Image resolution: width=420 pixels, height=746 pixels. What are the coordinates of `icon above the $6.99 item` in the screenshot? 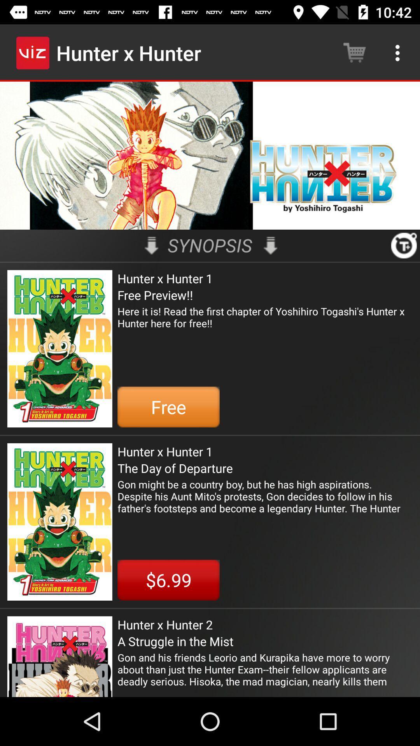 It's located at (264, 496).